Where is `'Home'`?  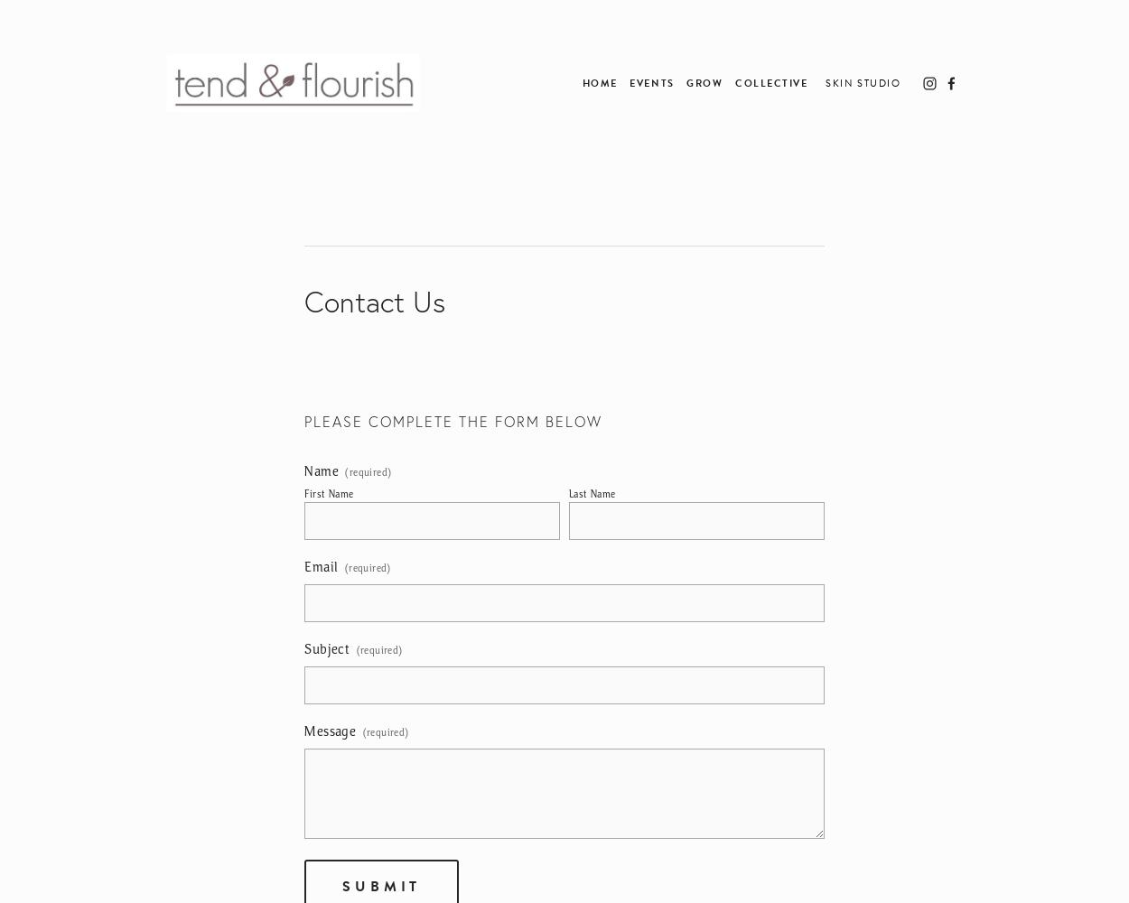
'Home' is located at coordinates (599, 81).